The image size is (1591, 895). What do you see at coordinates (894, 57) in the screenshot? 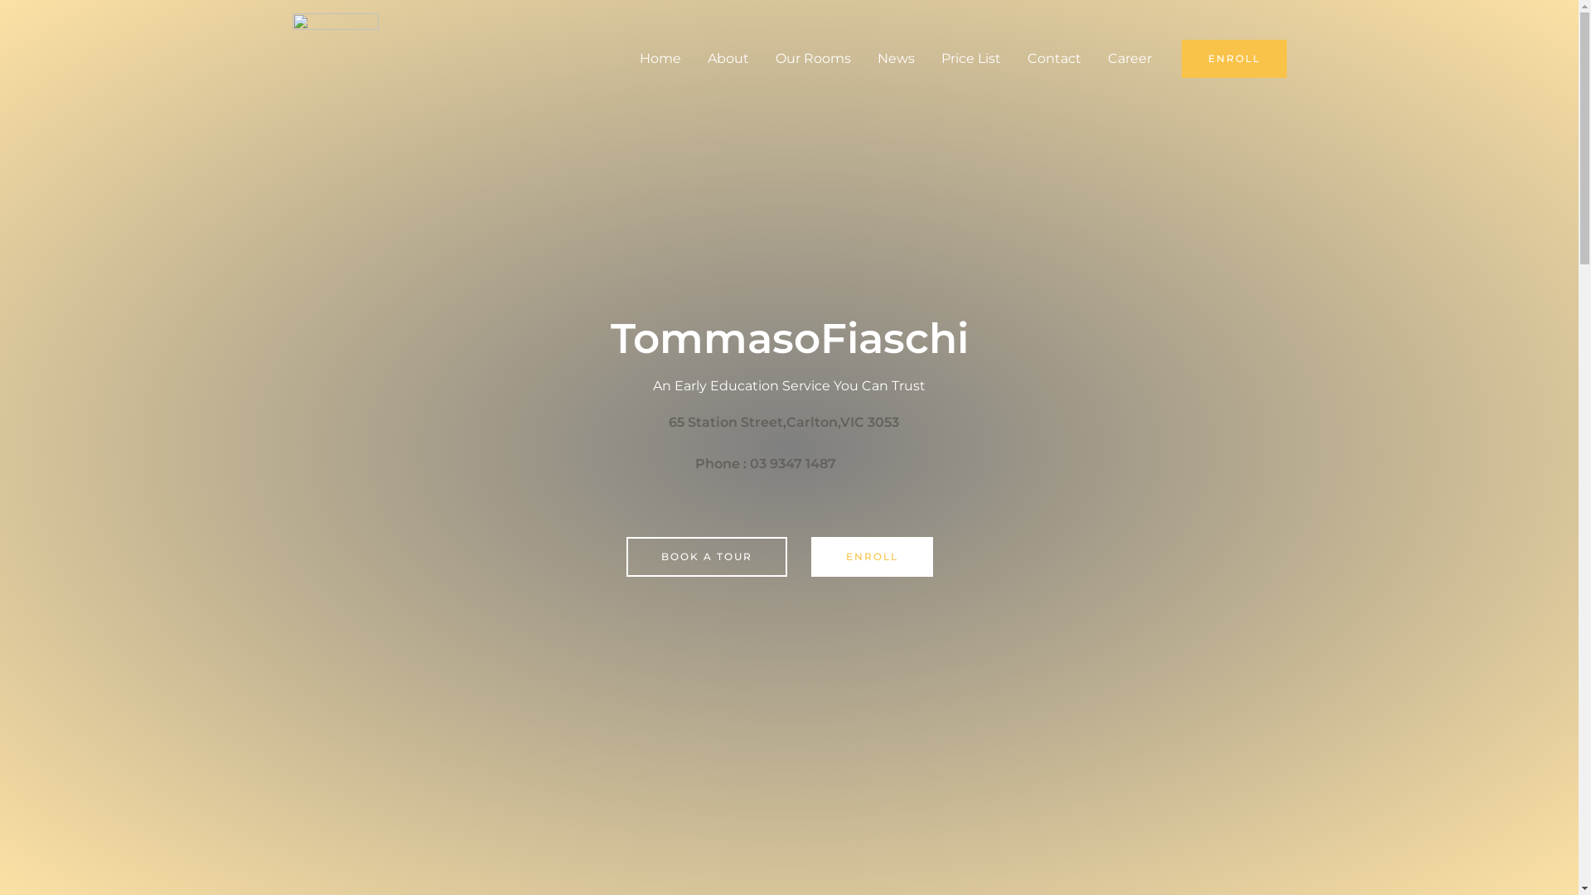
I see `'News'` at bounding box center [894, 57].